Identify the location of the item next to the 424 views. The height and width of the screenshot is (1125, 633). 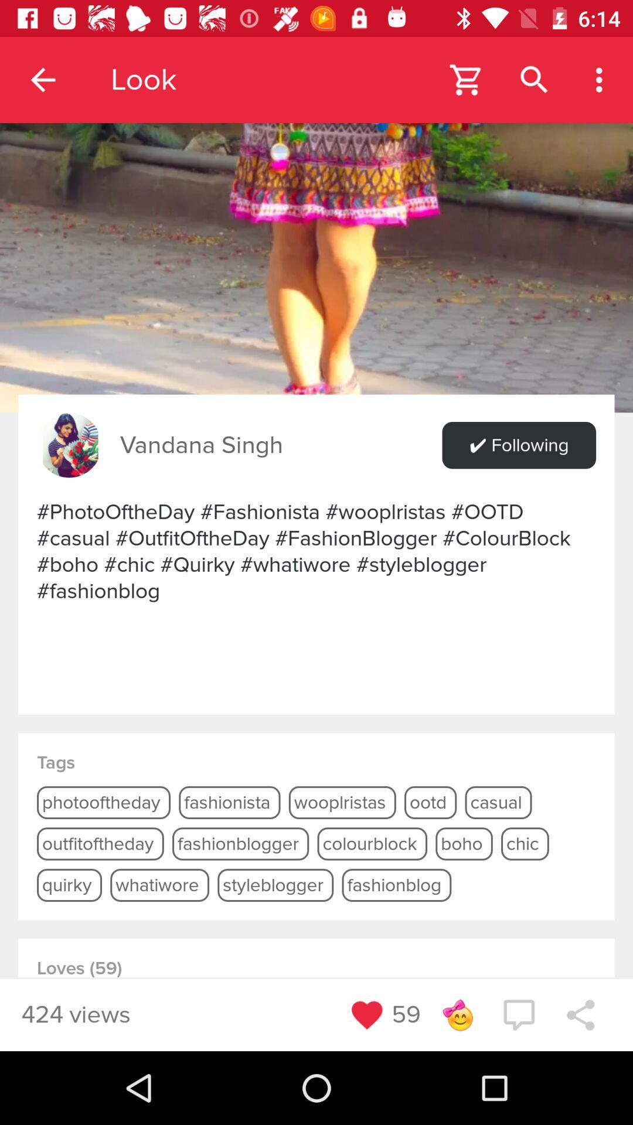
(366, 1014).